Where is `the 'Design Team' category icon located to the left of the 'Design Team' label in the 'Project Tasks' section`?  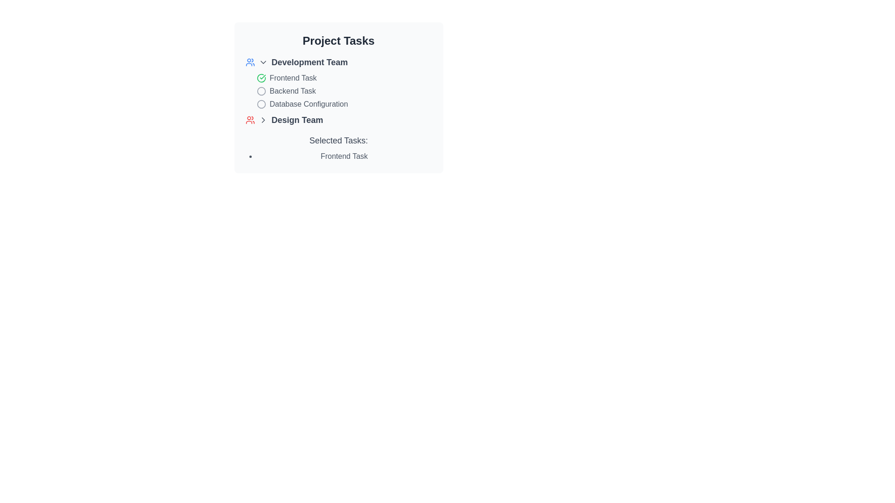 the 'Design Team' category icon located to the left of the 'Design Team' label in the 'Project Tasks' section is located at coordinates (250, 120).